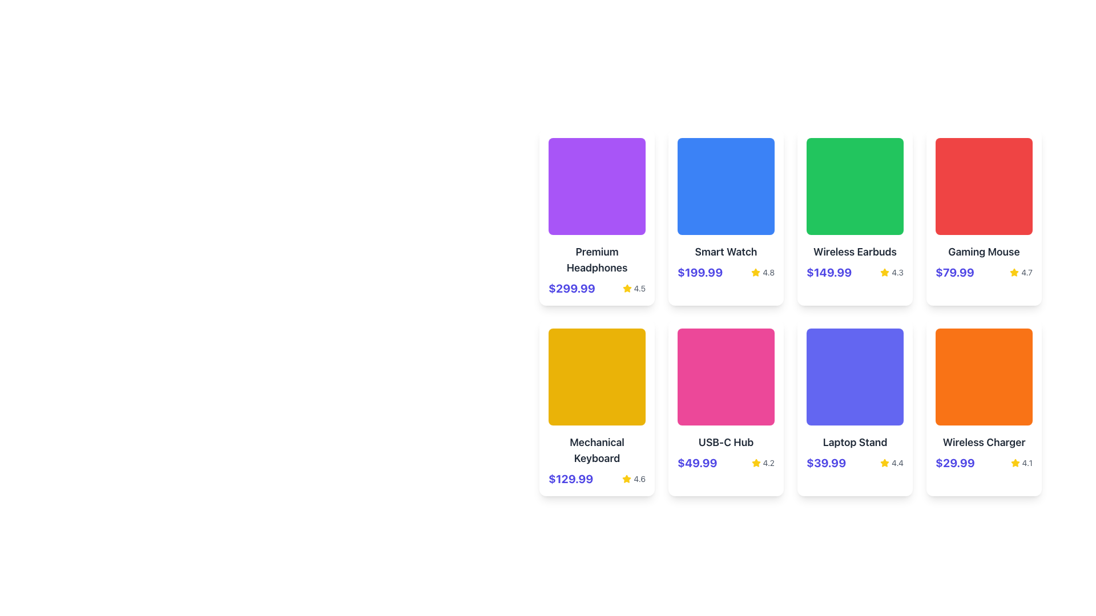 Image resolution: width=1096 pixels, height=616 pixels. What do you see at coordinates (1015, 463) in the screenshot?
I see `yellow star icon representing the rating system for the product 'Wireless Charger', located at the bottom right corner of the card` at bounding box center [1015, 463].